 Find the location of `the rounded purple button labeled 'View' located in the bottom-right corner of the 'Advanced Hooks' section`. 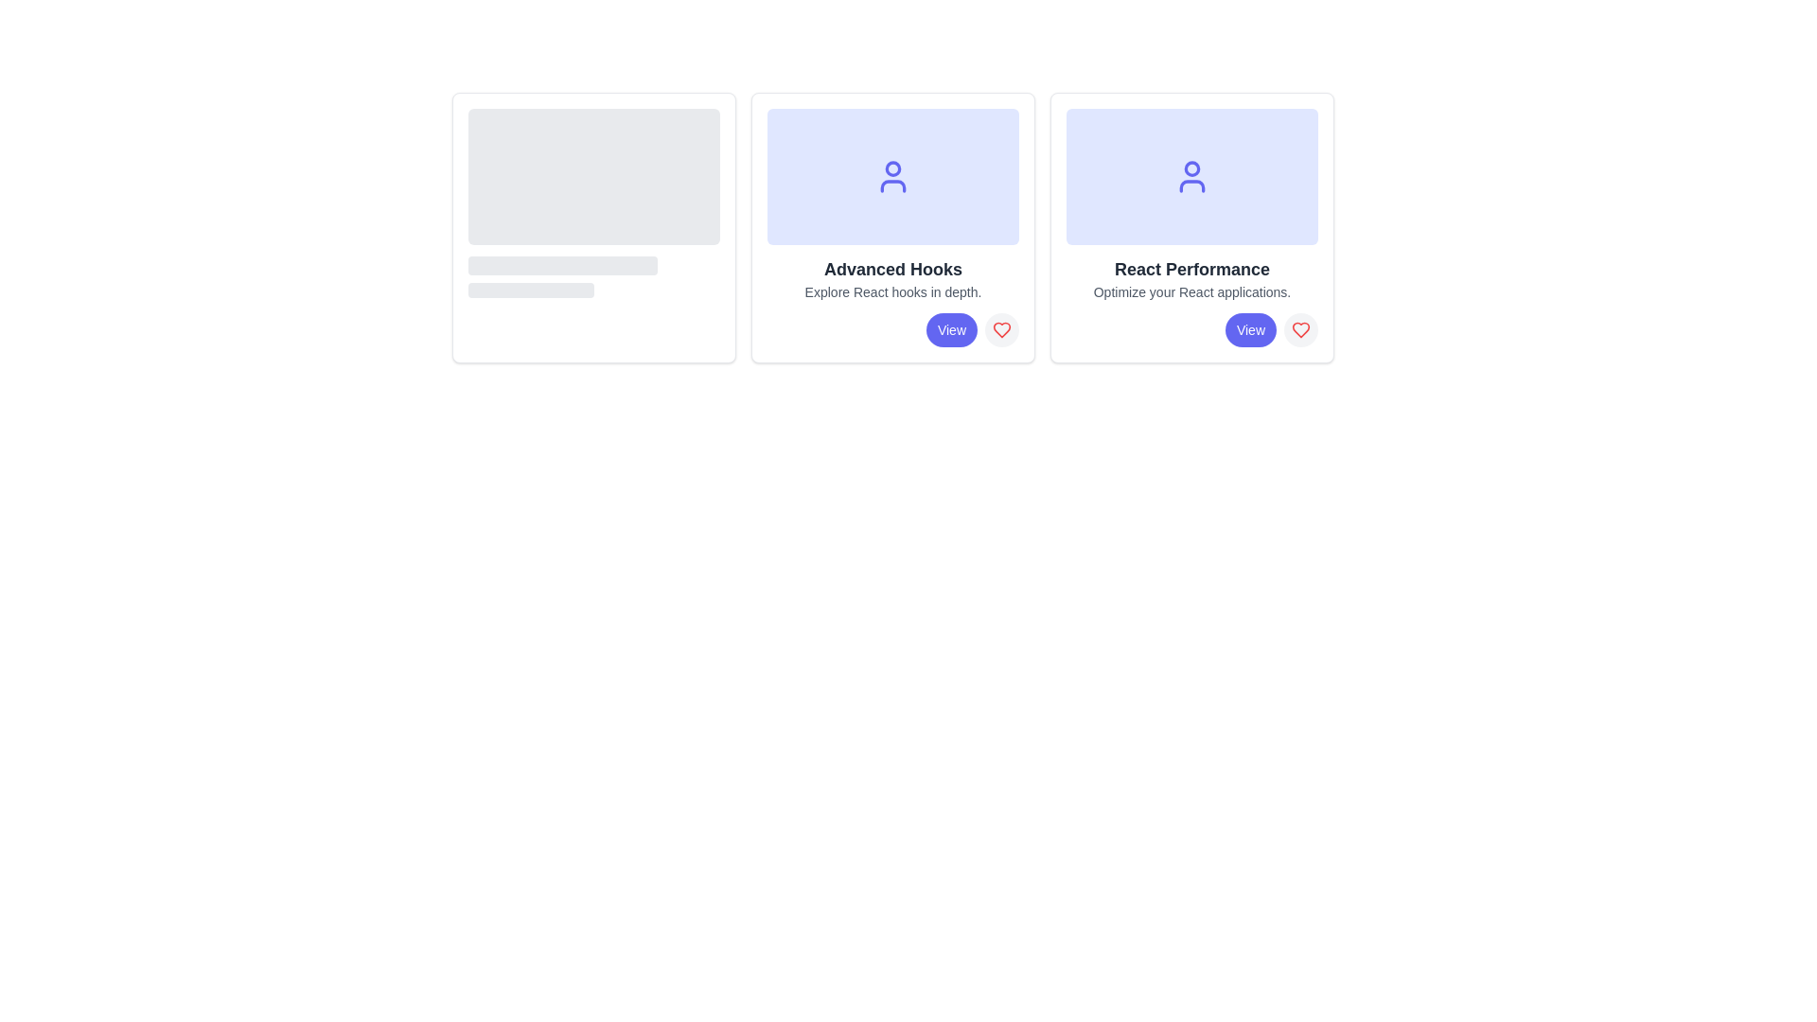

the rounded purple button labeled 'View' located in the bottom-right corner of the 'Advanced Hooks' section is located at coordinates (951, 328).